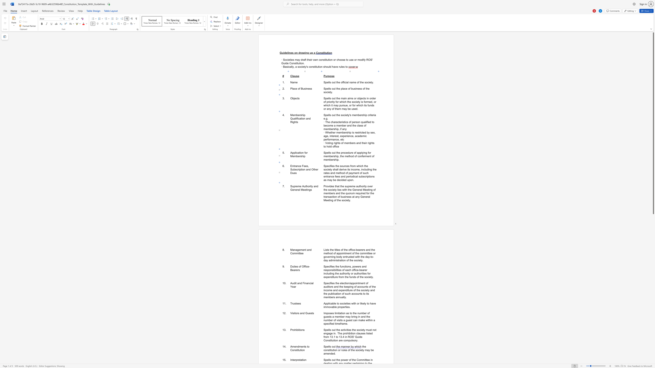 This screenshot has width=655, height=368. What do you see at coordinates (299, 330) in the screenshot?
I see `the 3th character "i" in the text` at bounding box center [299, 330].